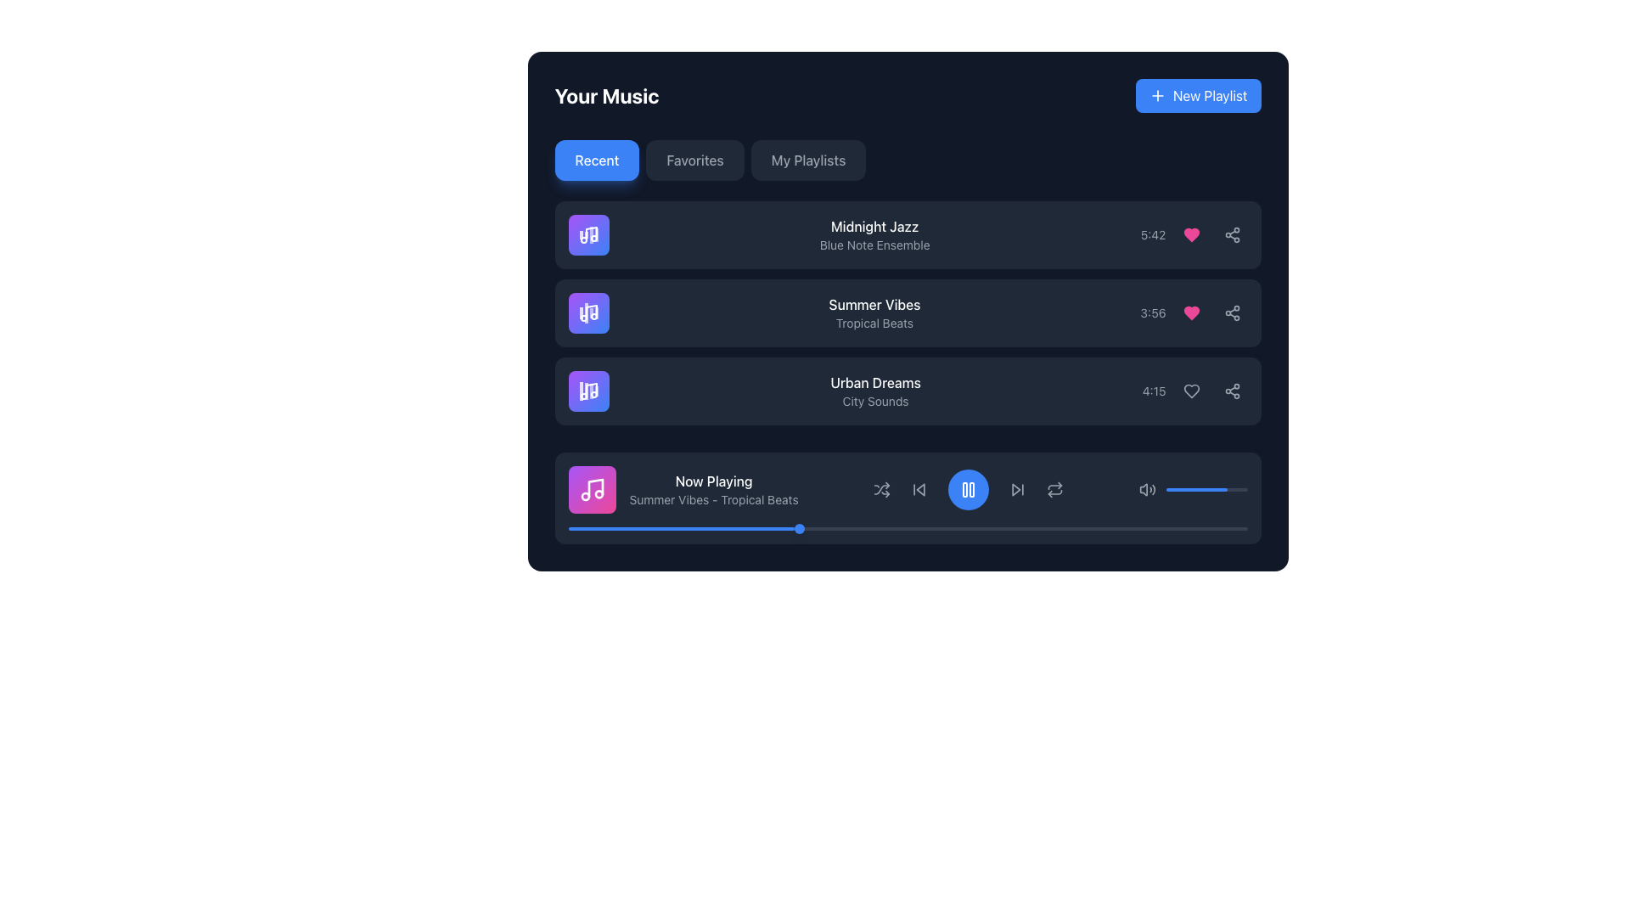  Describe the element at coordinates (907, 391) in the screenshot. I see `the third song list item card in the playlist, which is positioned below 'Summer Vibes' and above the playback control section` at that location.